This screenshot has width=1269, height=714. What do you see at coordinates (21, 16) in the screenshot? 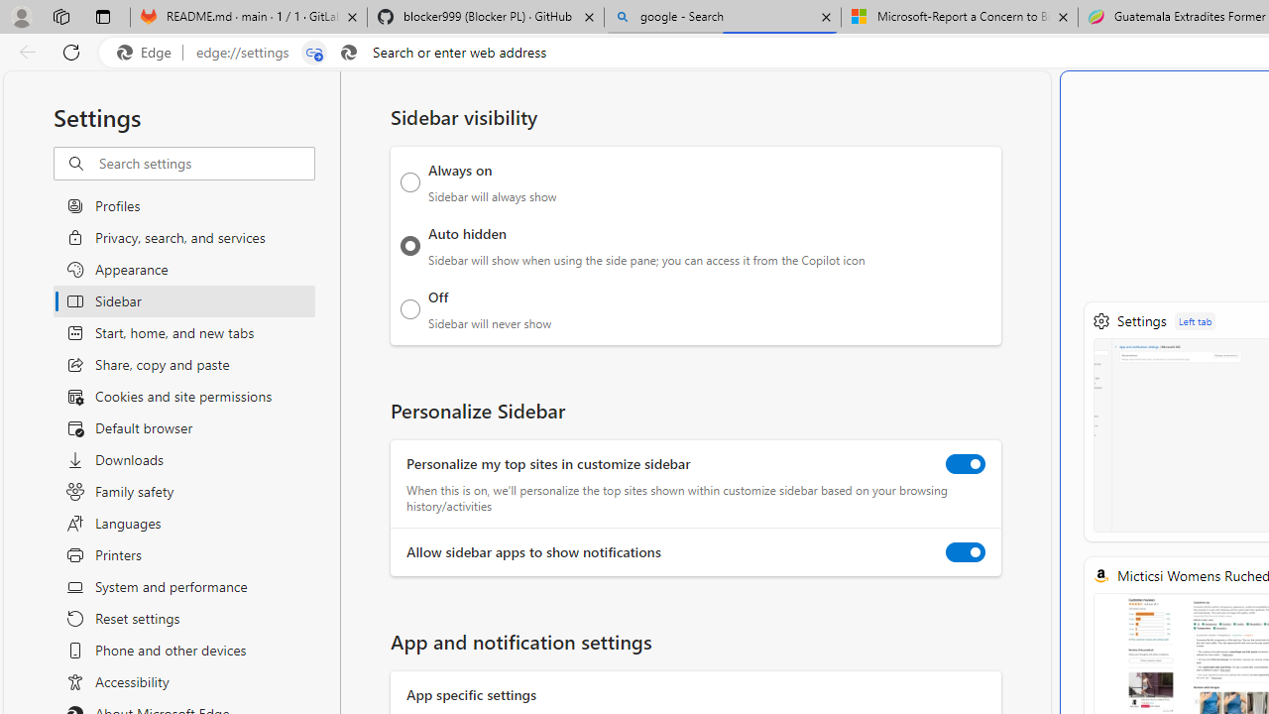
I see `'Personal Profile'` at bounding box center [21, 16].